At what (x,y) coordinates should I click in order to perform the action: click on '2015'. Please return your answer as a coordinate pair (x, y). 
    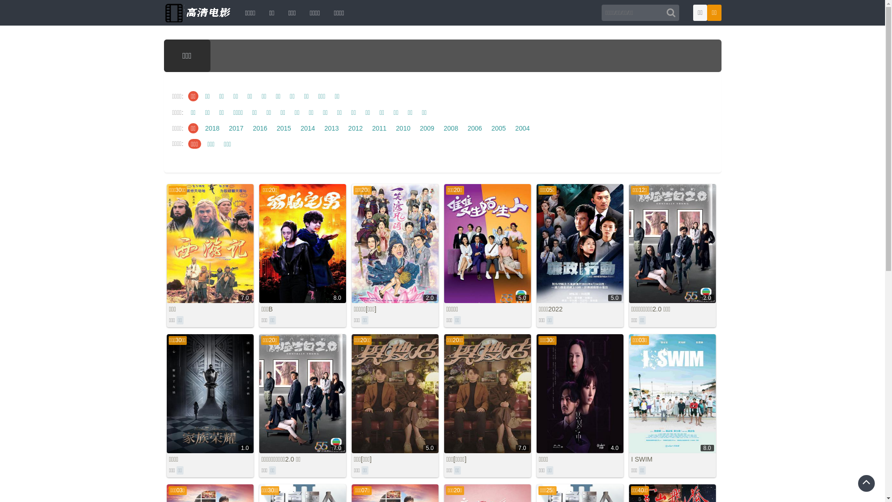
    Looking at the image, I should click on (283, 128).